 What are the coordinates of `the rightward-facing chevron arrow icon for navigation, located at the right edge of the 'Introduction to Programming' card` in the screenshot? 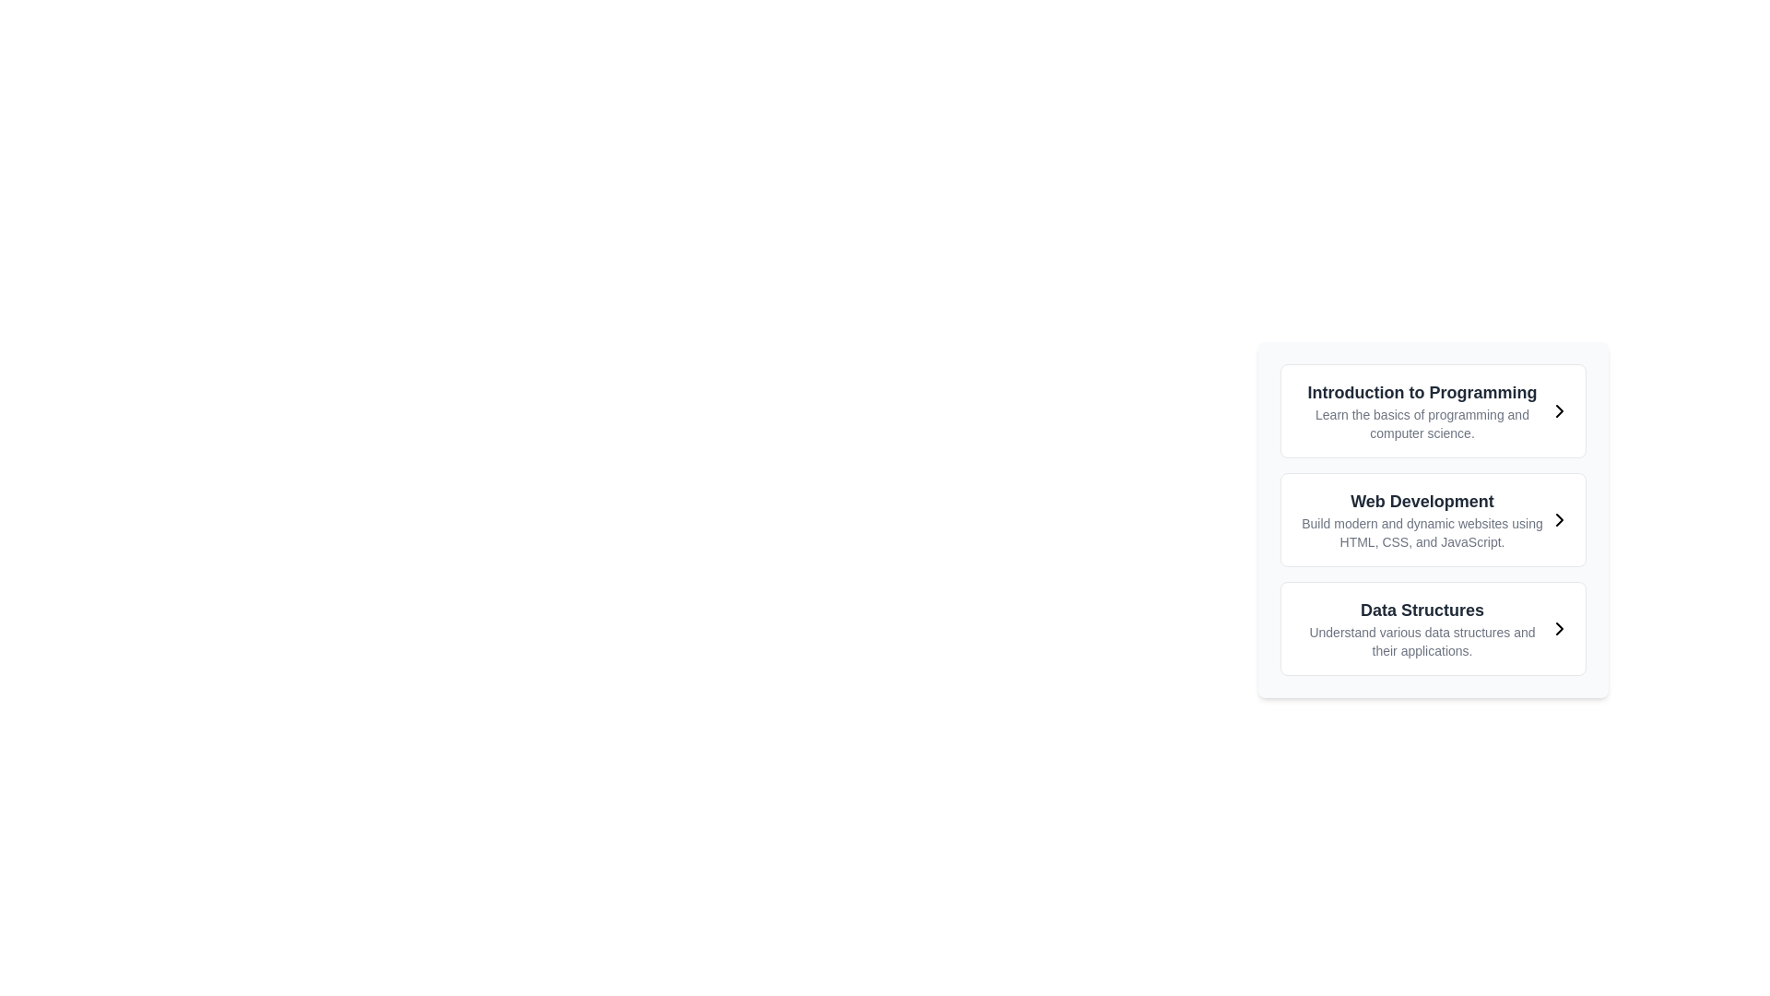 It's located at (1558, 410).